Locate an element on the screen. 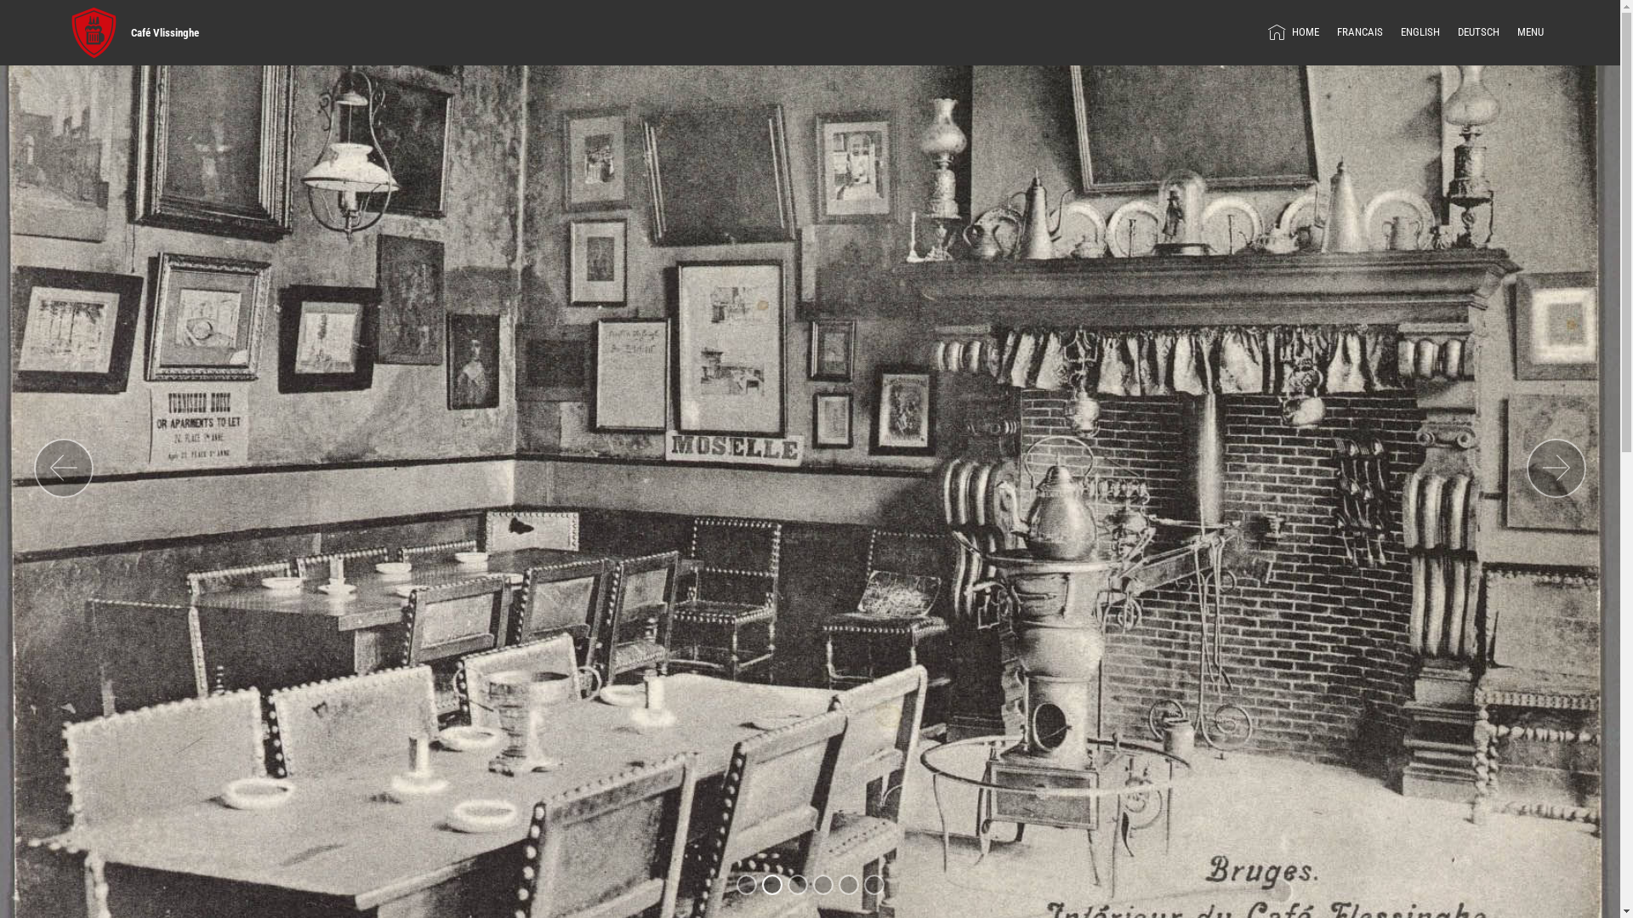 Image resolution: width=1633 pixels, height=918 pixels. 'DEUTSCH' is located at coordinates (1456, 32).